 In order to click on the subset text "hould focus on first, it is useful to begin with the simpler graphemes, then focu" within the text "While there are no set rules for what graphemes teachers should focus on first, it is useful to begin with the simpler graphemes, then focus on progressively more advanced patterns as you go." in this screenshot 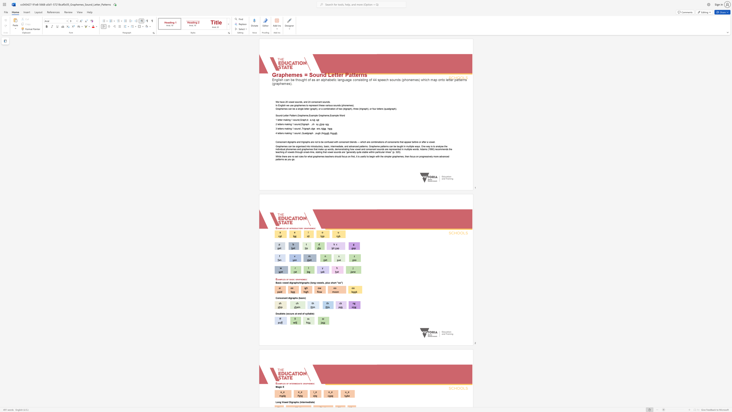, I will do `click(335, 156)`.